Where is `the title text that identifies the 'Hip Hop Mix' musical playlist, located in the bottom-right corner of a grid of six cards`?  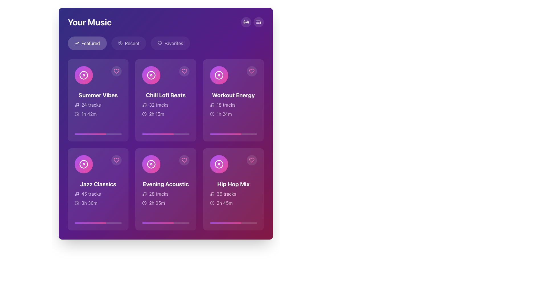 the title text that identifies the 'Hip Hop Mix' musical playlist, located in the bottom-right corner of a grid of six cards is located at coordinates (233, 184).